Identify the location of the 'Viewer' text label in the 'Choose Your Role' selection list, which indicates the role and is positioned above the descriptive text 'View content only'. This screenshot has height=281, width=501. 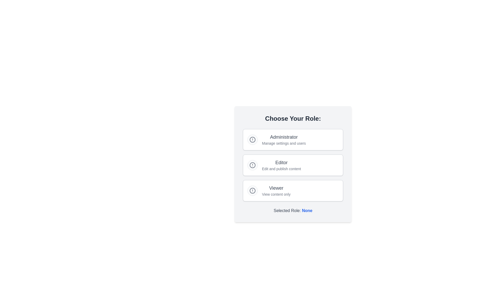
(276, 188).